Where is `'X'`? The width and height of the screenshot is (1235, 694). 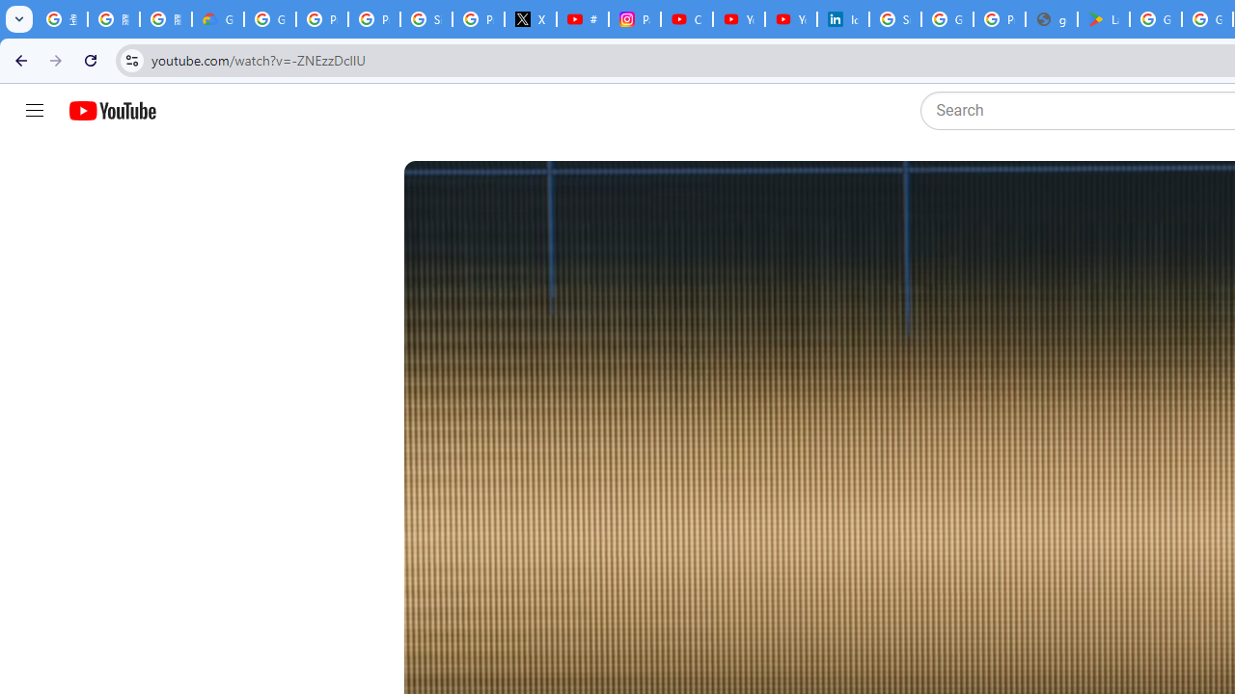 'X' is located at coordinates (531, 19).